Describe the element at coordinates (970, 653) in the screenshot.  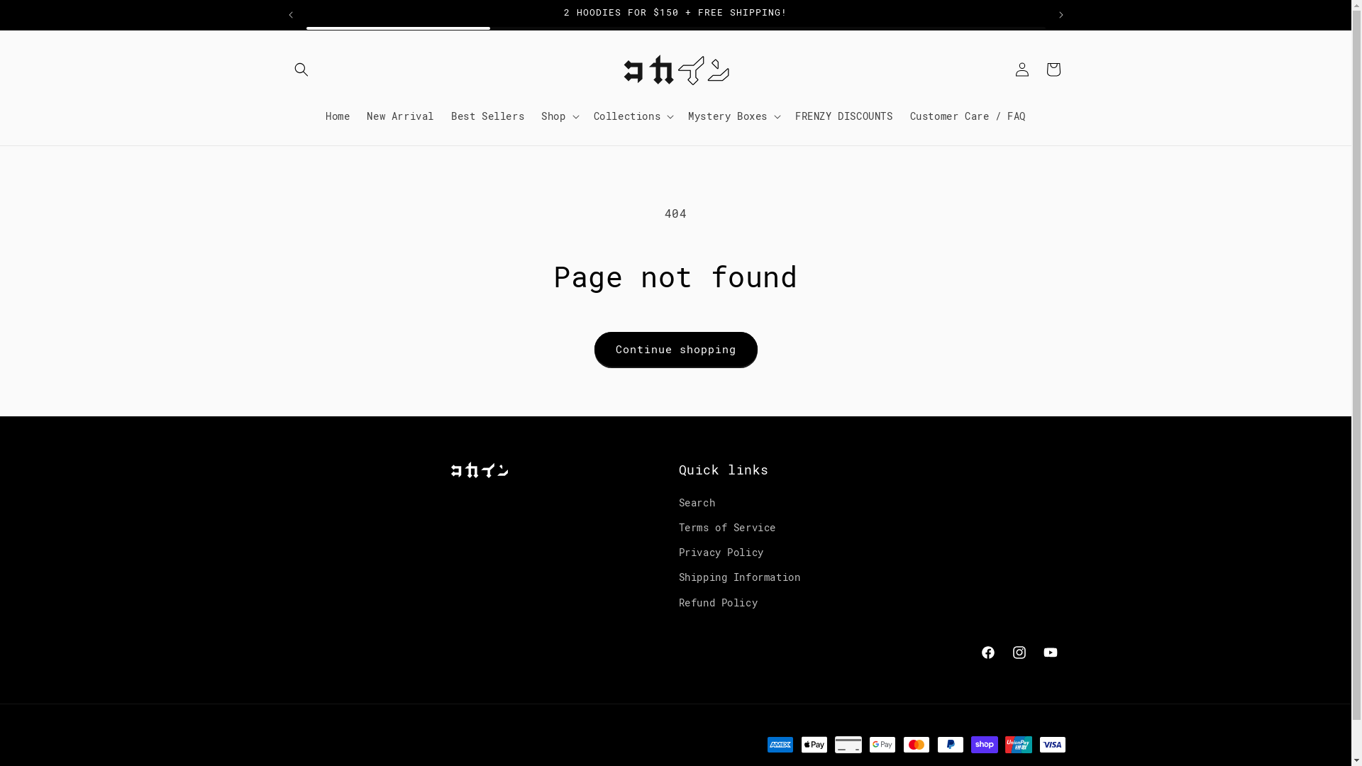
I see `'Facebook'` at that location.